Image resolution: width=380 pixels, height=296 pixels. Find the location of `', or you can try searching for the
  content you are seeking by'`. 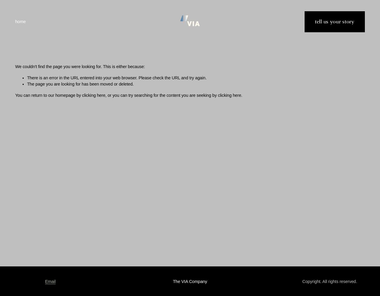

', or you can try searching for the
  content you are seeking by' is located at coordinates (161, 95).